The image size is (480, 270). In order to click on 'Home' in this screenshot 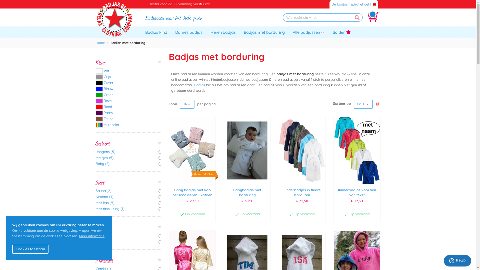, I will do `click(100, 42)`.